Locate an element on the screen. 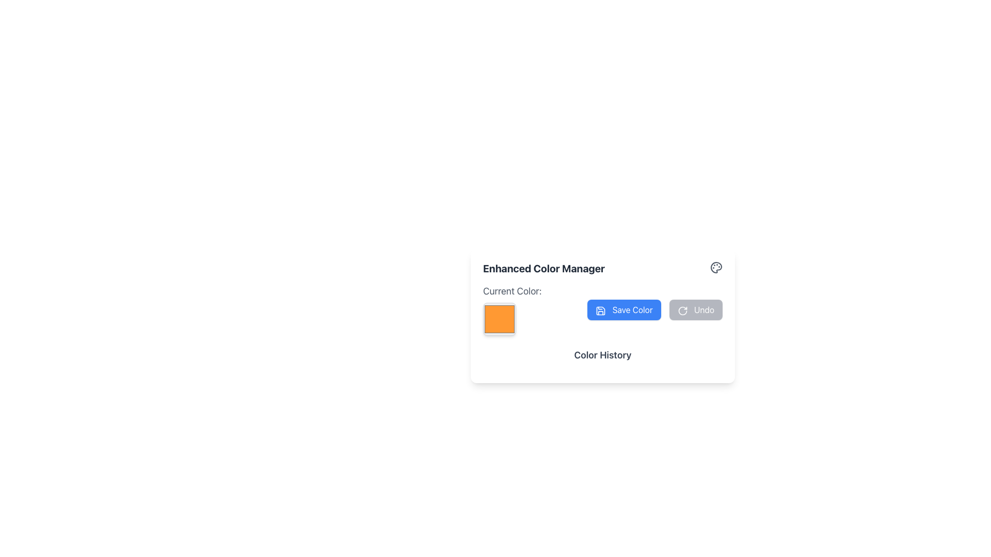 This screenshot has width=991, height=557. Text label that serves as a title or heading, located to the left of a color palette icon is located at coordinates (544, 268).